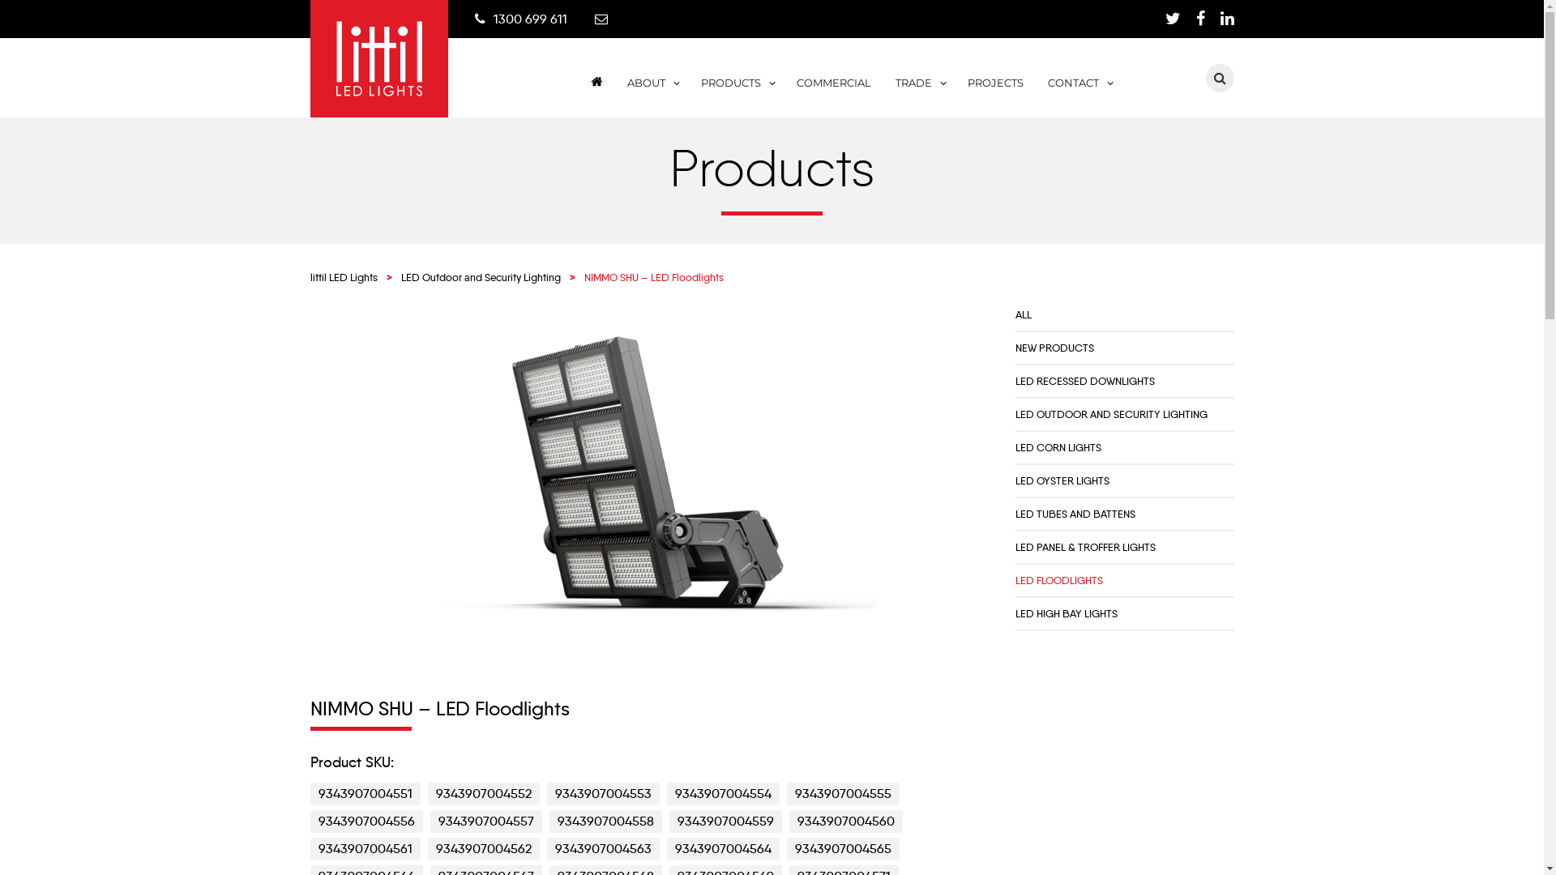 The height and width of the screenshot is (875, 1556). What do you see at coordinates (1074, 513) in the screenshot?
I see `'LED TUBES AND BATTENS'` at bounding box center [1074, 513].